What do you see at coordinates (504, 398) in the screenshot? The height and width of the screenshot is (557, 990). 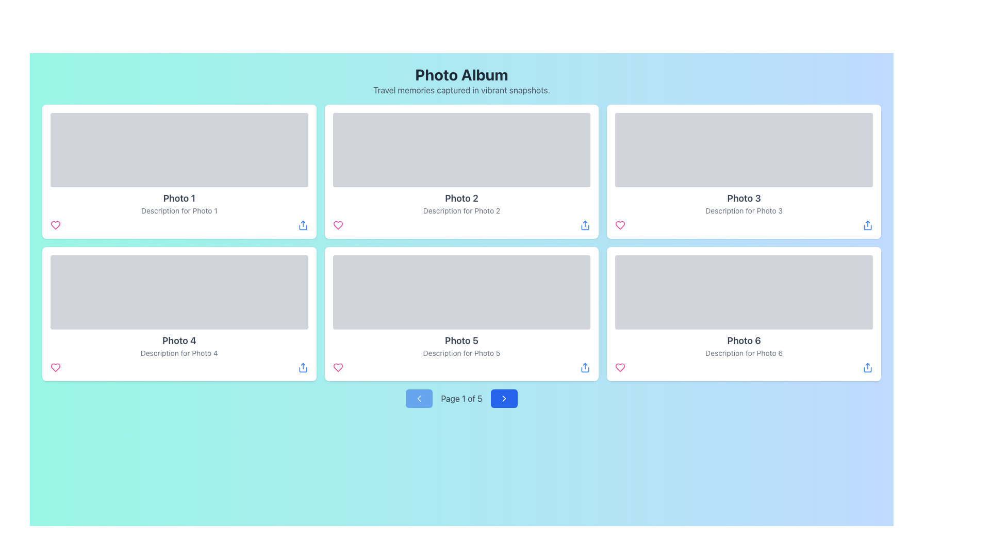 I see `the forward navigation arrow icon located within the blue rectangular button on the right side of the pagination control bar` at bounding box center [504, 398].